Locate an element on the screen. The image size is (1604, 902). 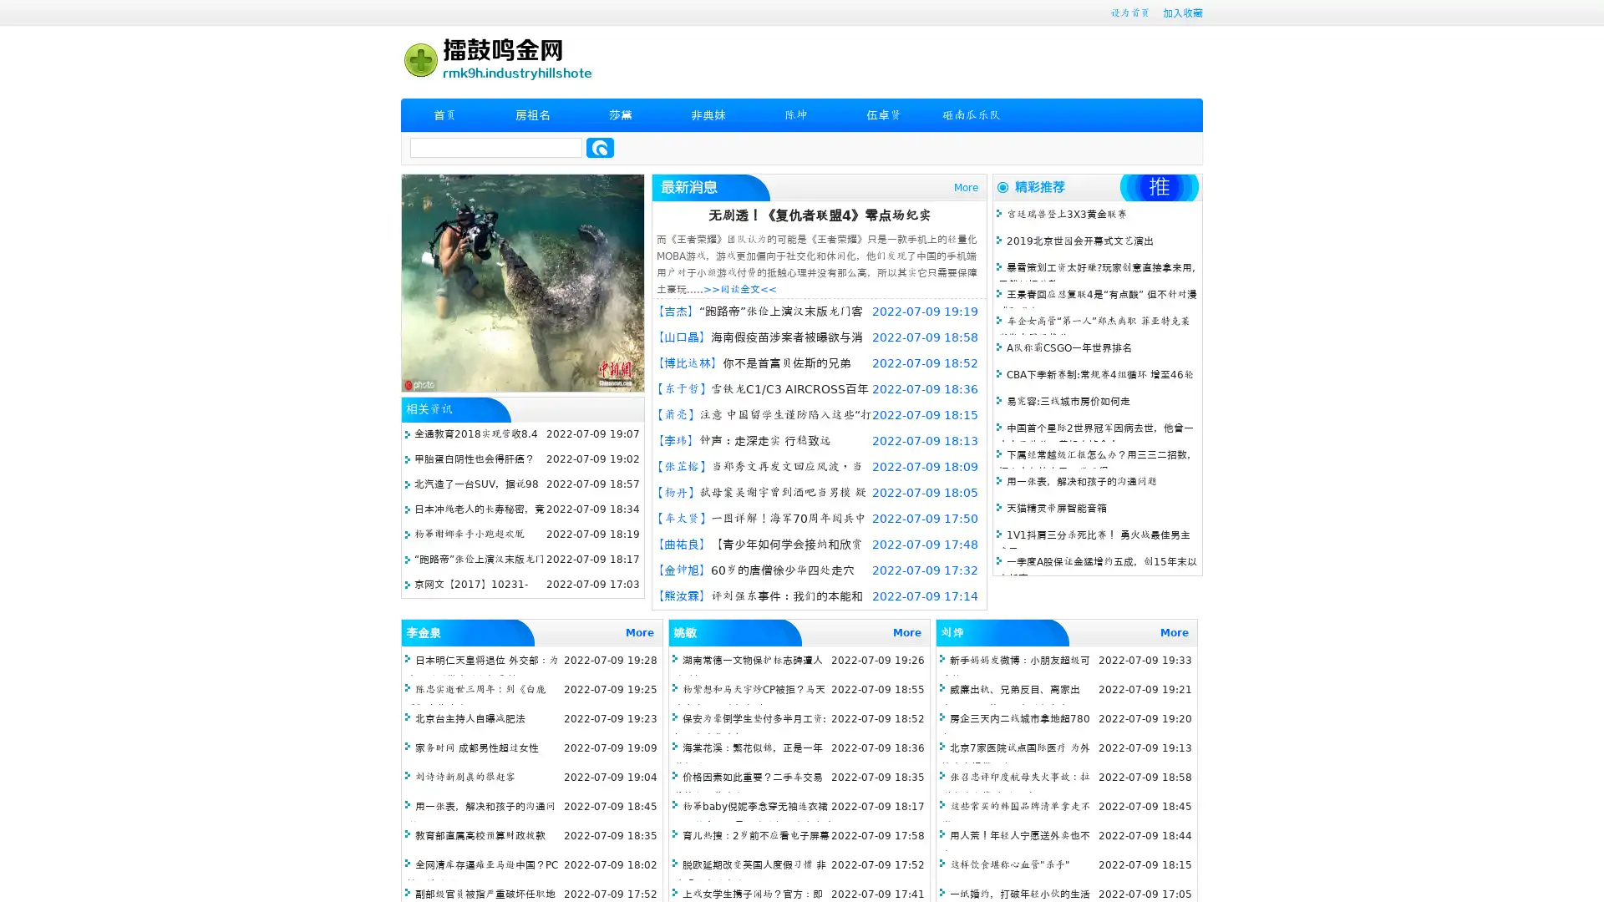
Search is located at coordinates (600, 147).